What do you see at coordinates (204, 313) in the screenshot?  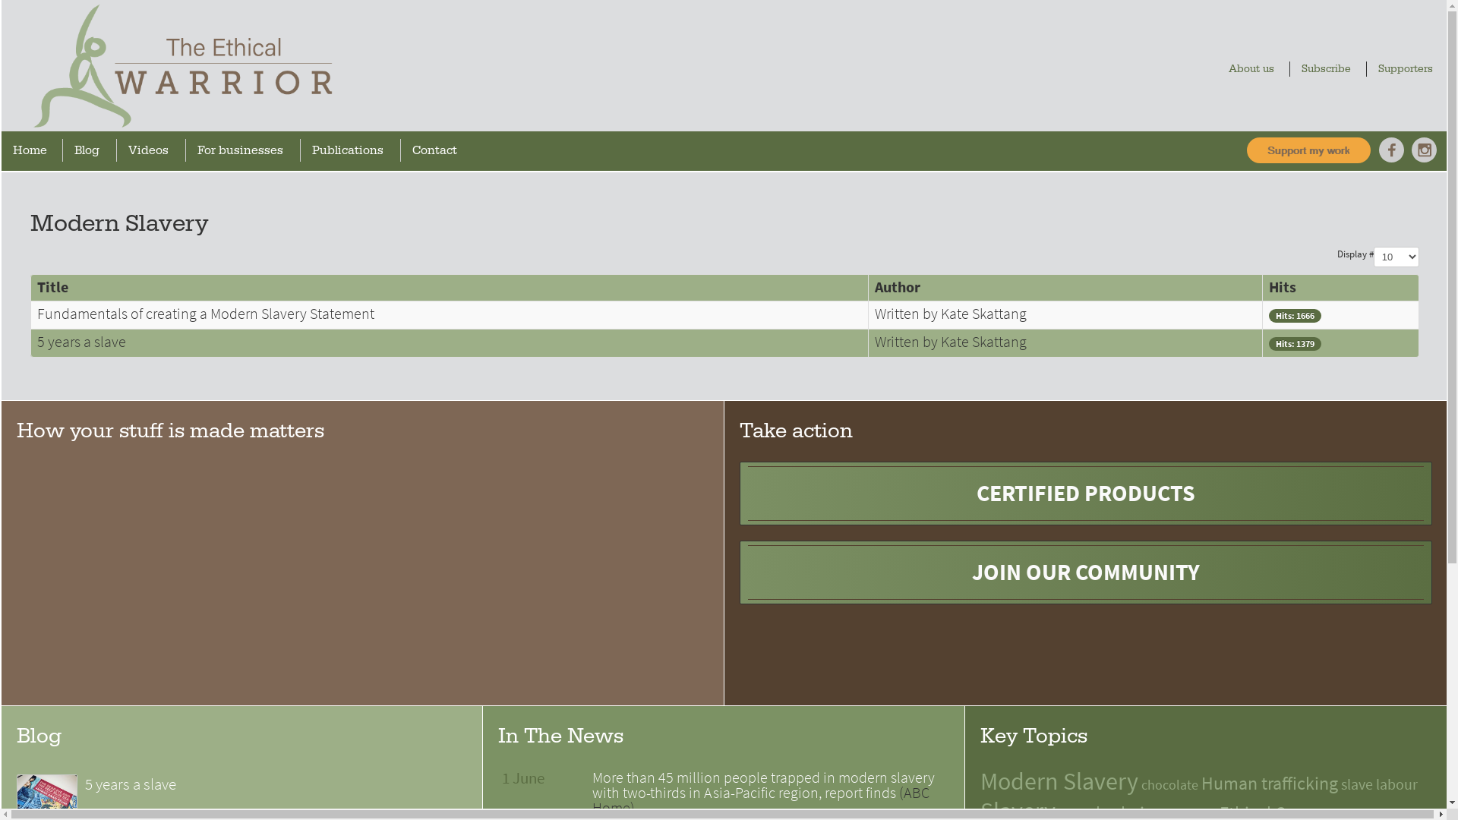 I see `'Fundamentals of creating a Modern Slavery Statement'` at bounding box center [204, 313].